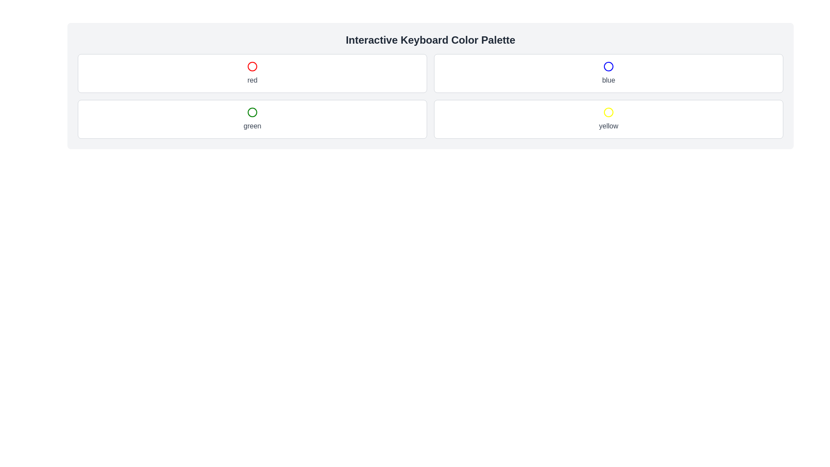 The image size is (830, 467). What do you see at coordinates (252, 119) in the screenshot?
I see `the interactive card or option button with a white background and a green outlined circular icon labeled 'green' in gray text, located in the lower-left section of the grid` at bounding box center [252, 119].